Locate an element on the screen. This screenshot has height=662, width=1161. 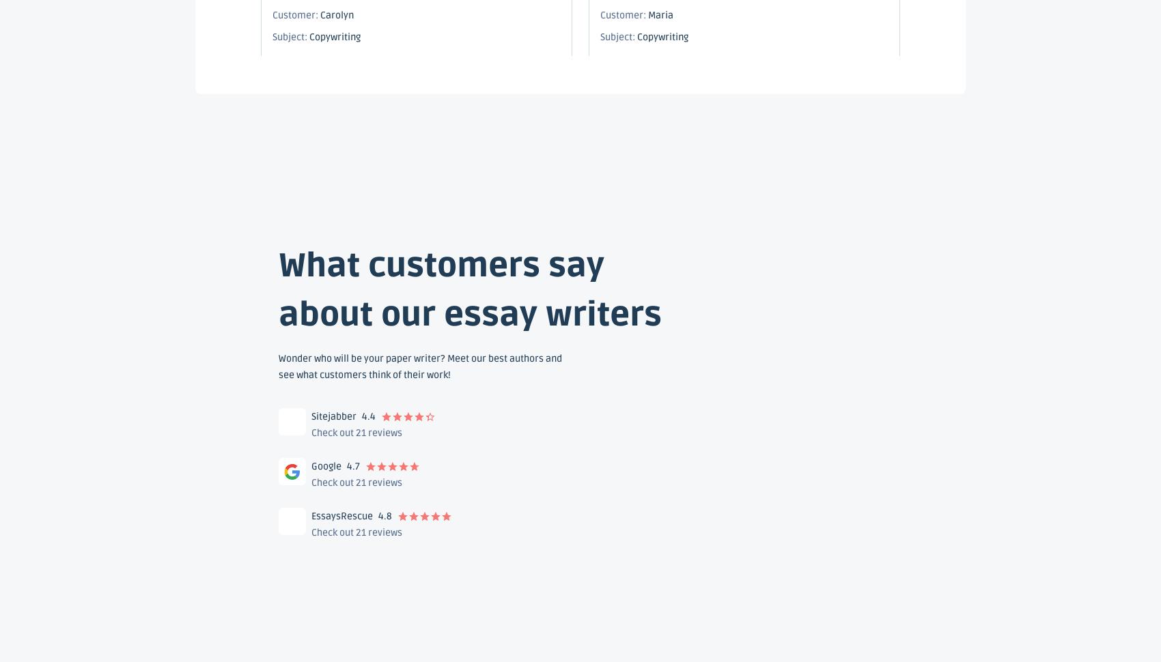
'Wonder who will be your paper writer? Meet our best authors and see what customers think of their work!' is located at coordinates (419, 366).